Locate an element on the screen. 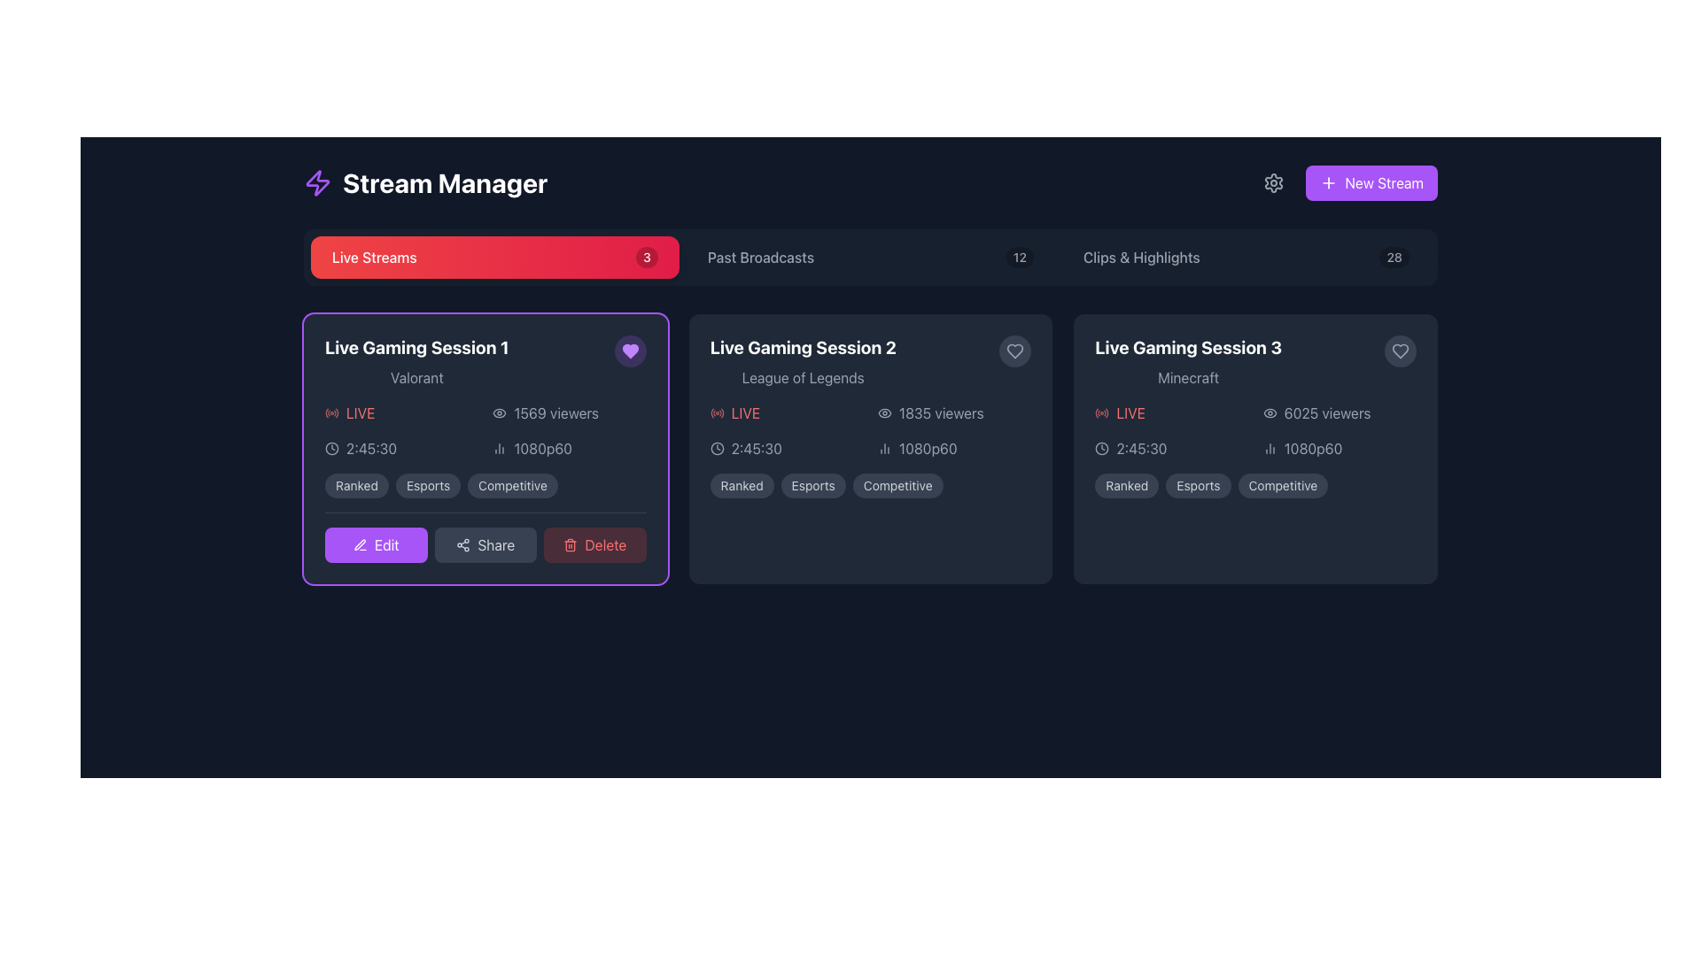 This screenshot has height=956, width=1701. the circular button with a dark gray background and a white heart icon located in the top-right corner of the 'Live Gaming Session 3' card to visualize the hover effect is located at coordinates (1399, 351).